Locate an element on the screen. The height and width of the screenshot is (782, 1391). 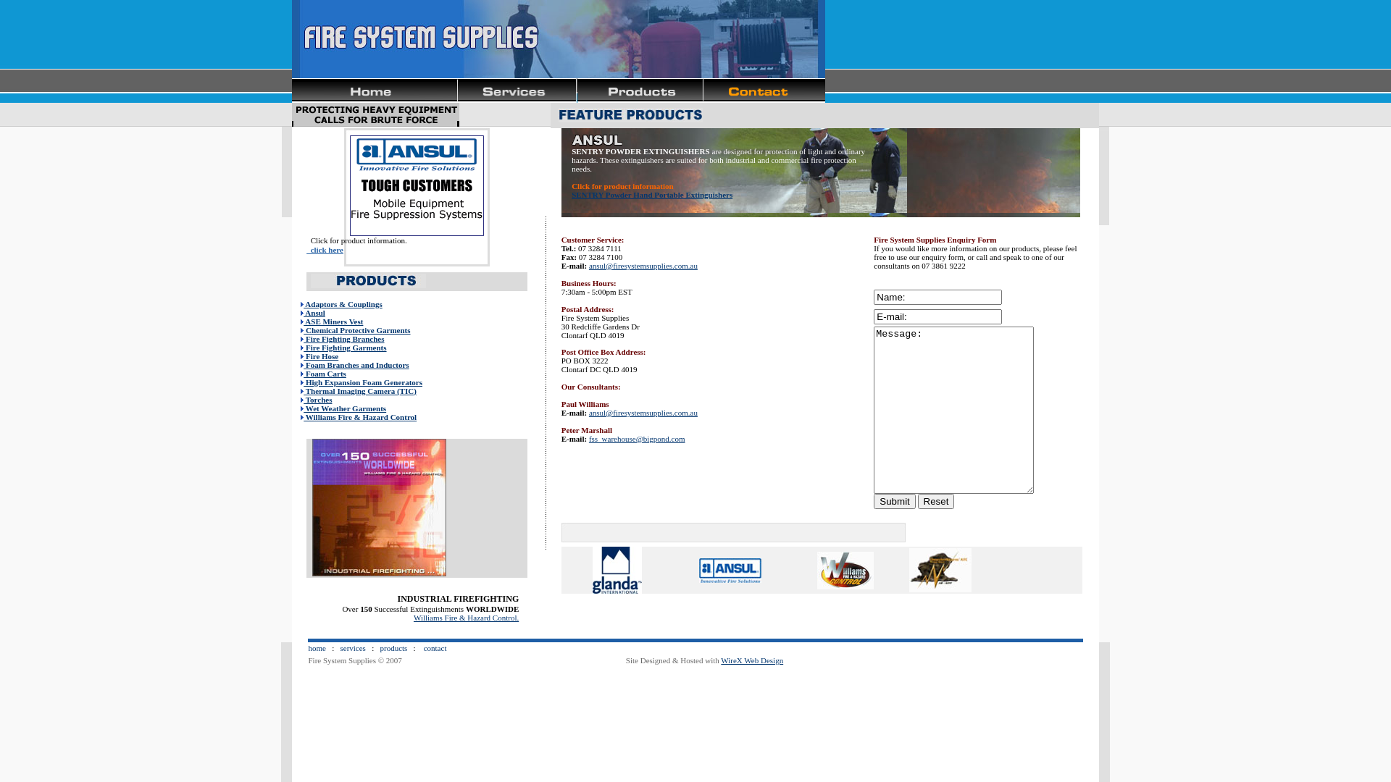
' Adaptors & Couplings' is located at coordinates (341, 303).